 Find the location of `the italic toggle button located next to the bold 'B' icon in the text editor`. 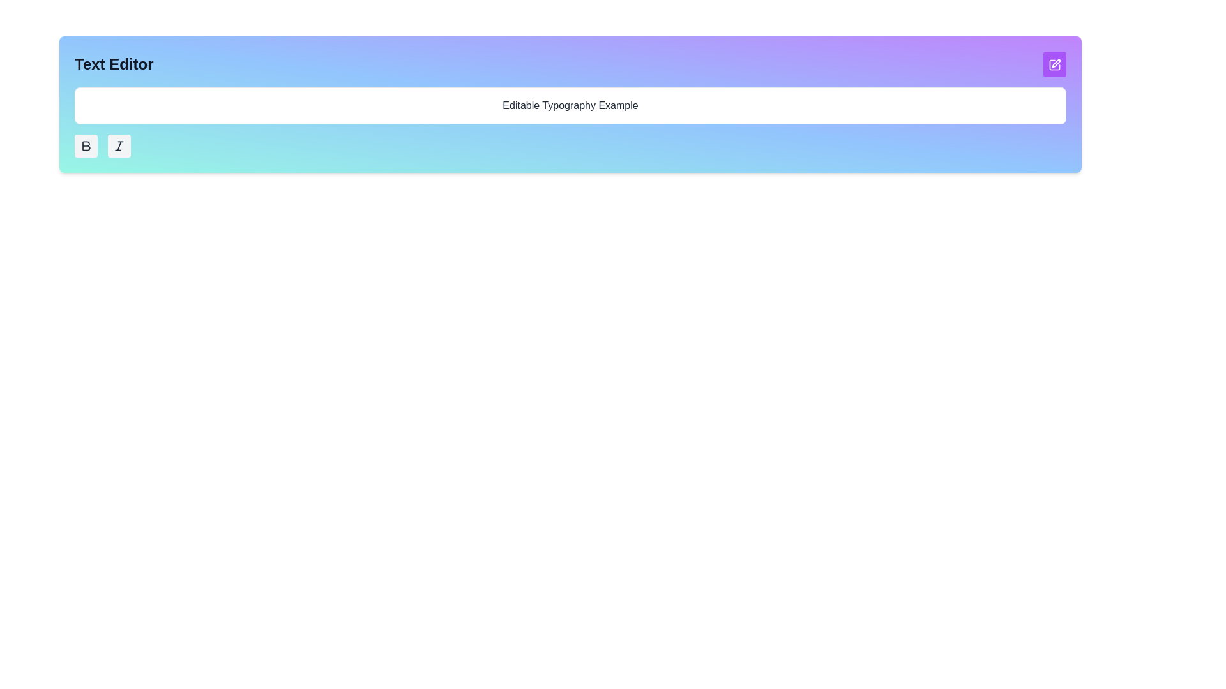

the italic toggle button located next to the bold 'B' icon in the text editor is located at coordinates (119, 145).